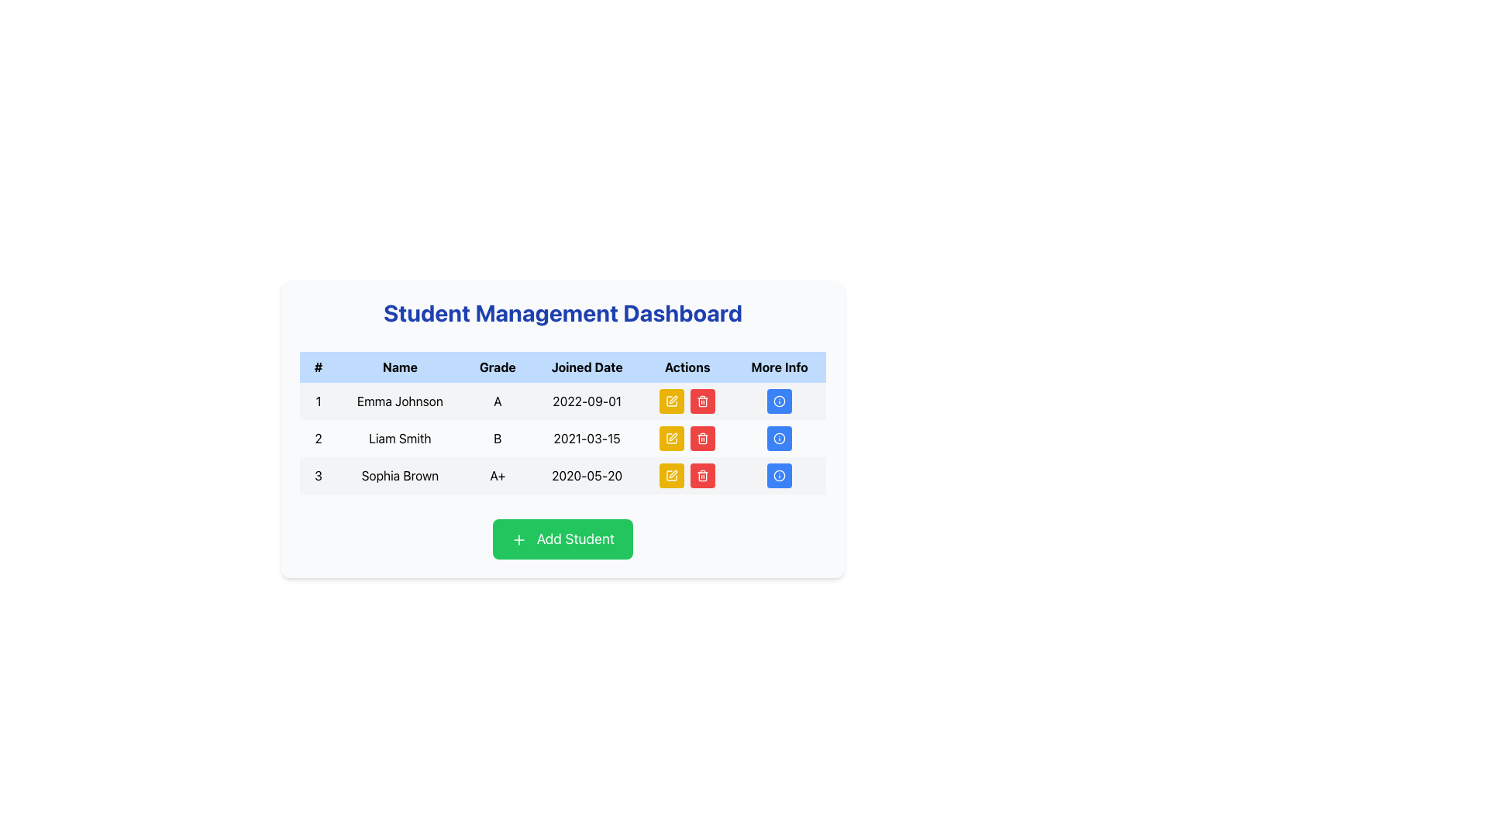 This screenshot has width=1488, height=837. I want to click on the edit button in the 'Actions' column for the row corresponding to 'Sophia Brown', so click(672, 474).